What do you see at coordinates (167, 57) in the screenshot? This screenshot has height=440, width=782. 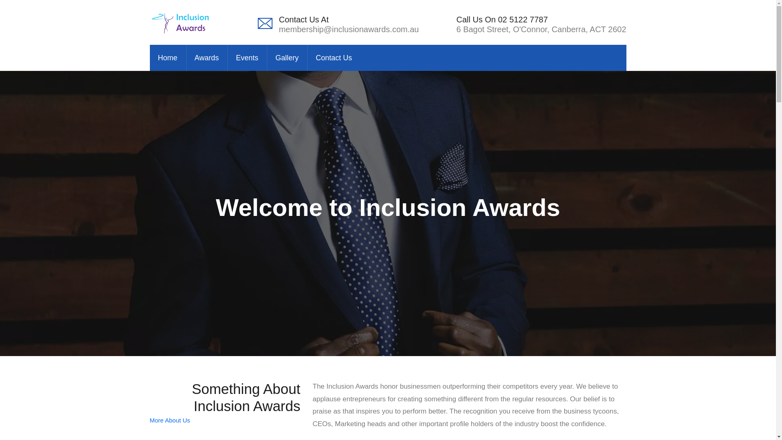 I see `'Home'` at bounding box center [167, 57].